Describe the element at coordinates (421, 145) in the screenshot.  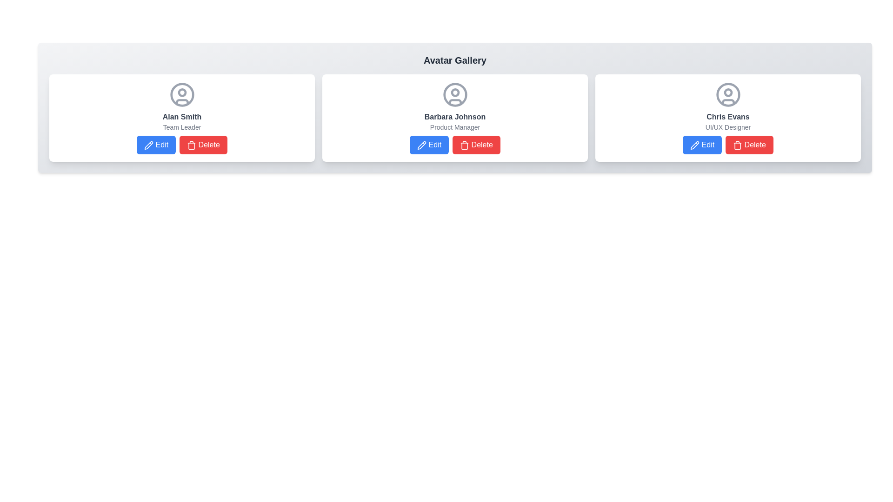
I see `the 'Edit' icon located to the left of the 'Edit' button in the second card belonging to Barbara Johnson` at that location.